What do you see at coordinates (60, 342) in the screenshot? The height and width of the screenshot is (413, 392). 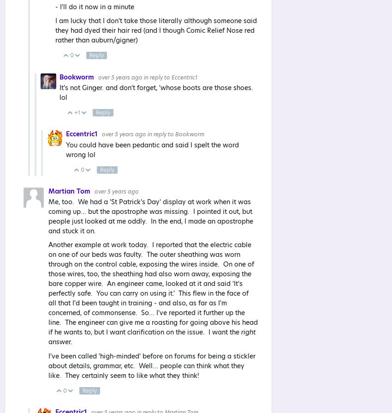 I see `'answer.'` at bounding box center [60, 342].